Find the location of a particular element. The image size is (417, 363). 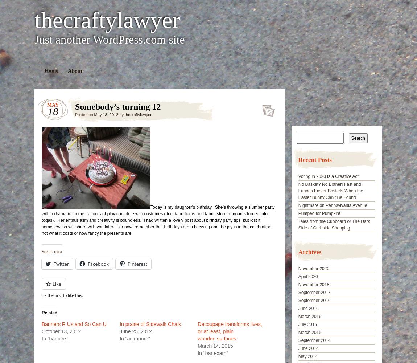

'Recent Posts' is located at coordinates (298, 159).